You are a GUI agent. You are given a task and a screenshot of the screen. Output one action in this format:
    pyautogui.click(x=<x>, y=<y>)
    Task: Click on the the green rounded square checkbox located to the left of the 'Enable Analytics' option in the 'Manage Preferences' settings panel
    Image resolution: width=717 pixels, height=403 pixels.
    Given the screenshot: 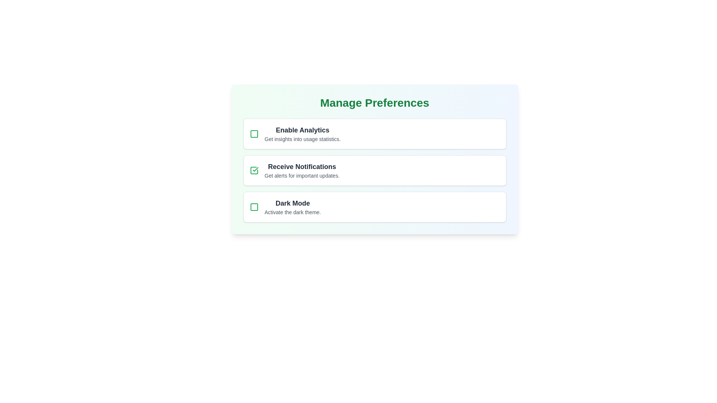 What is the action you would take?
    pyautogui.click(x=254, y=133)
    